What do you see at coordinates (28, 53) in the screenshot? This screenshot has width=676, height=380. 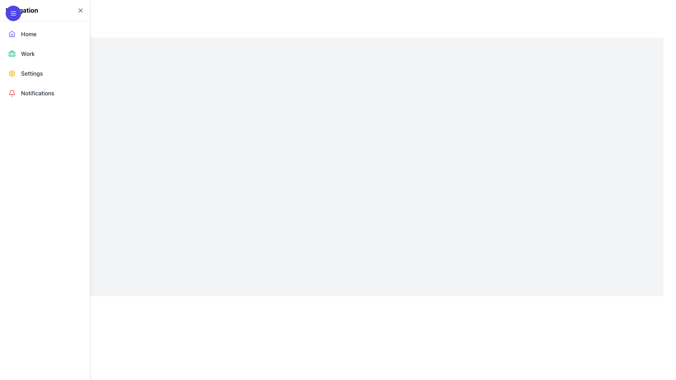 I see `the 'Work' text label in the sidebar menu` at bounding box center [28, 53].